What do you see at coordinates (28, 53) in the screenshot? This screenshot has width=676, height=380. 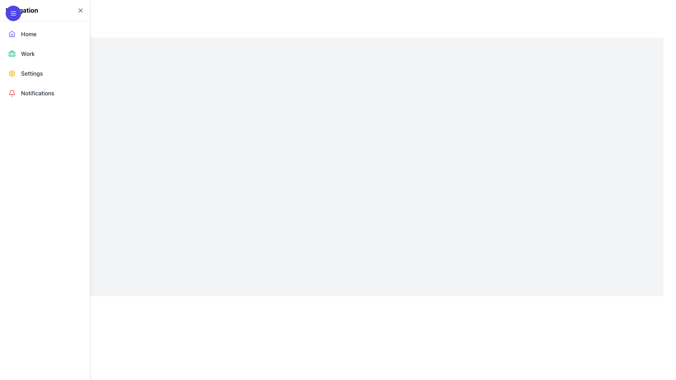 I see `the 'Work' text label in the sidebar menu` at bounding box center [28, 53].